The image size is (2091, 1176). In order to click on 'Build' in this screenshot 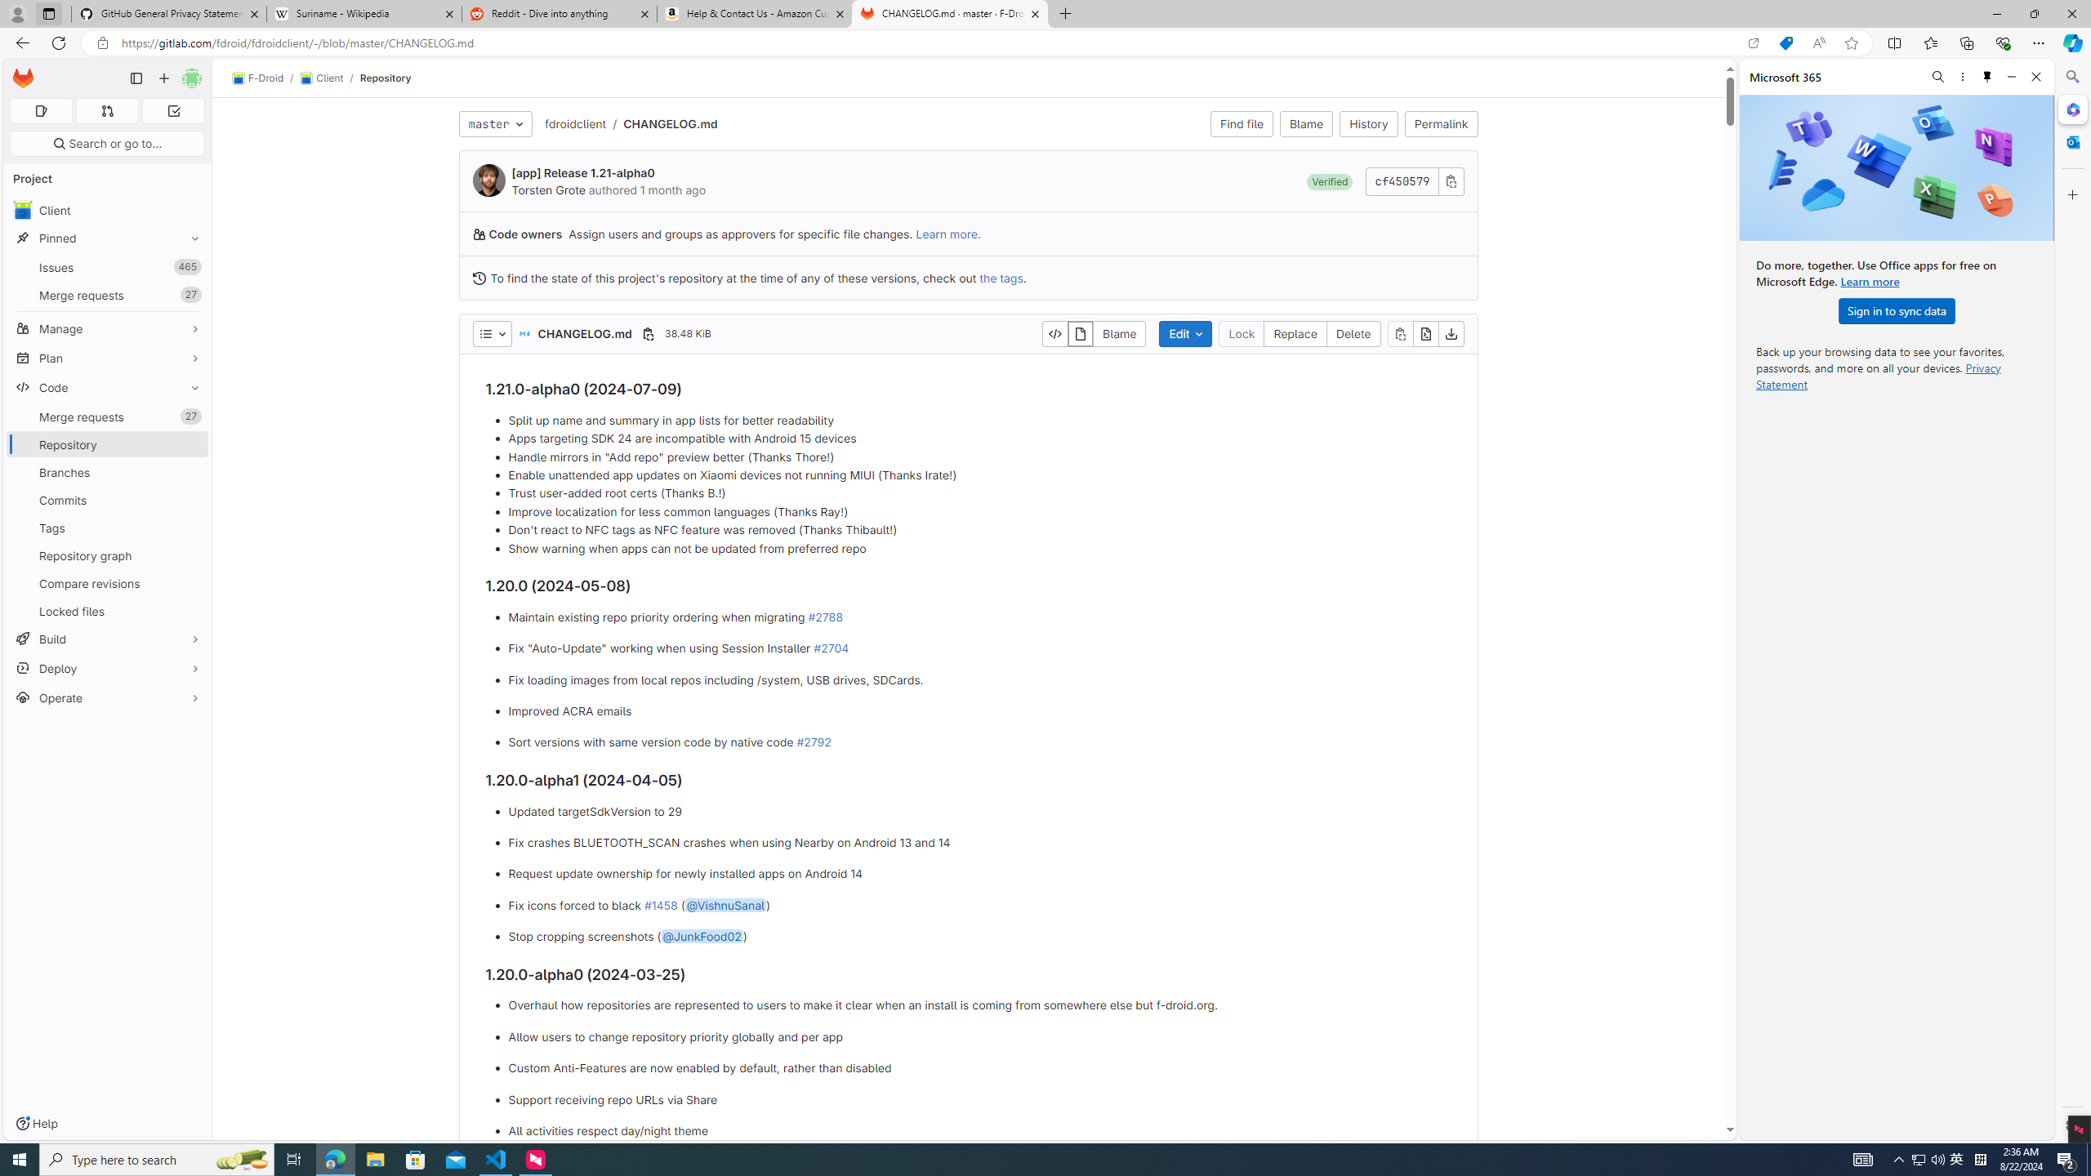, I will do `click(106, 638)`.